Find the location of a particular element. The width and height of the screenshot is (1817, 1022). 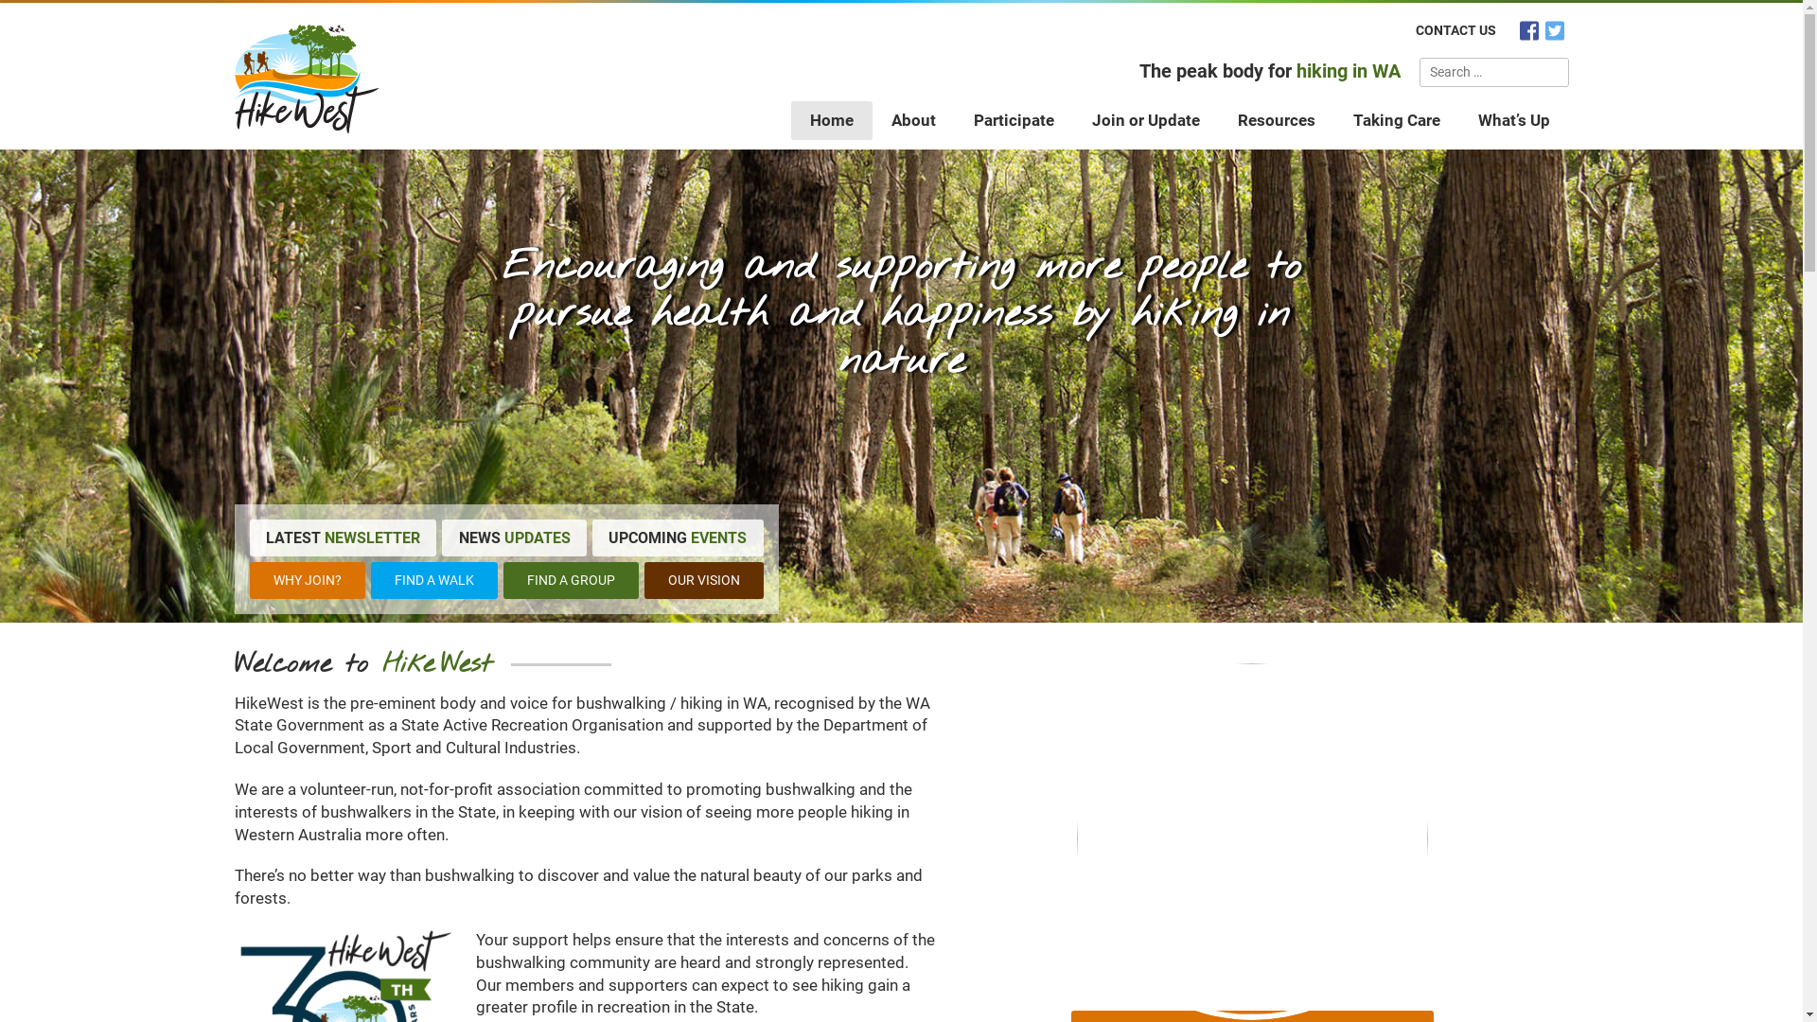

'NEWS UPDATES' is located at coordinates (514, 537).